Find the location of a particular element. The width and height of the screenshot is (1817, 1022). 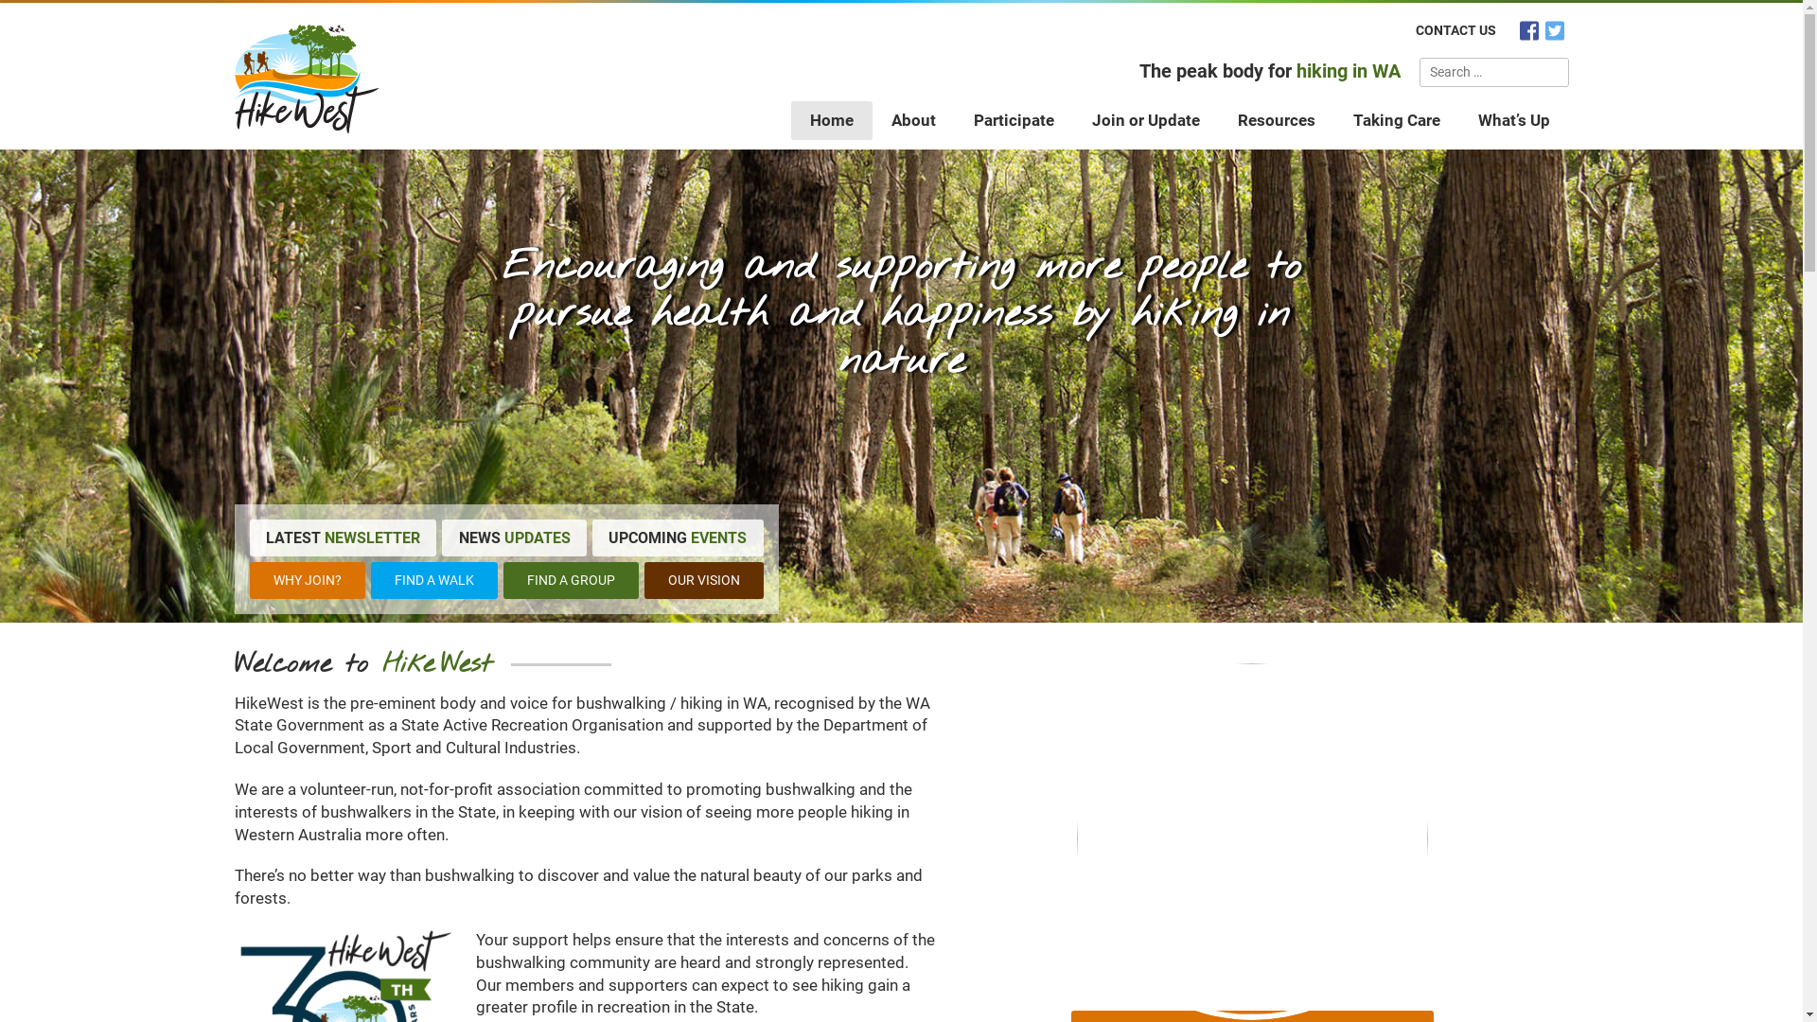

'NEWS UPDATES' is located at coordinates (514, 537).